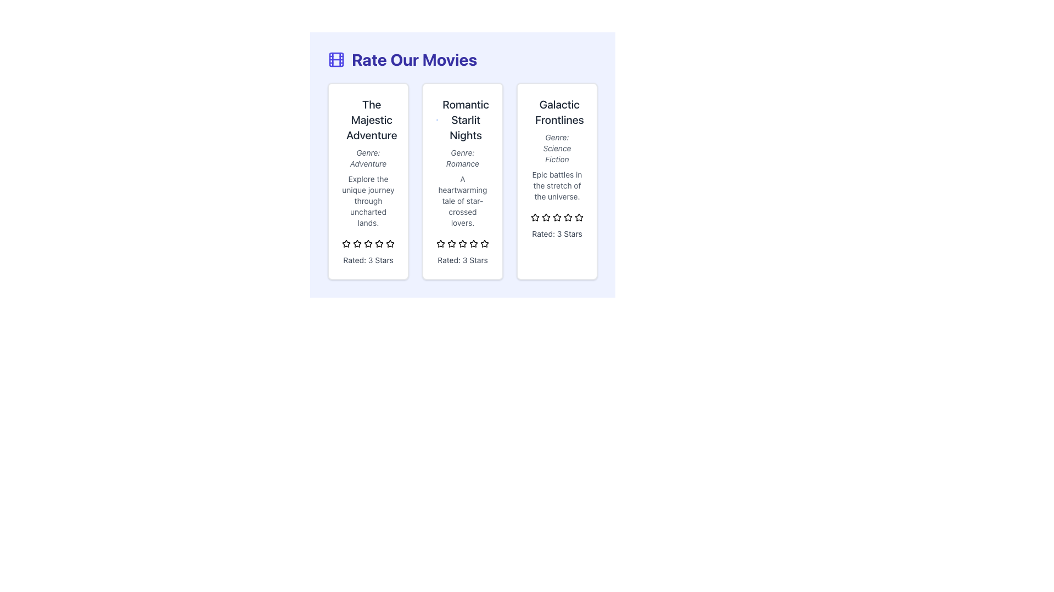  What do you see at coordinates (568, 218) in the screenshot?
I see `the sixth star-shaped rating icon with a gray outline under the 'Galactic Frontlines' section` at bounding box center [568, 218].